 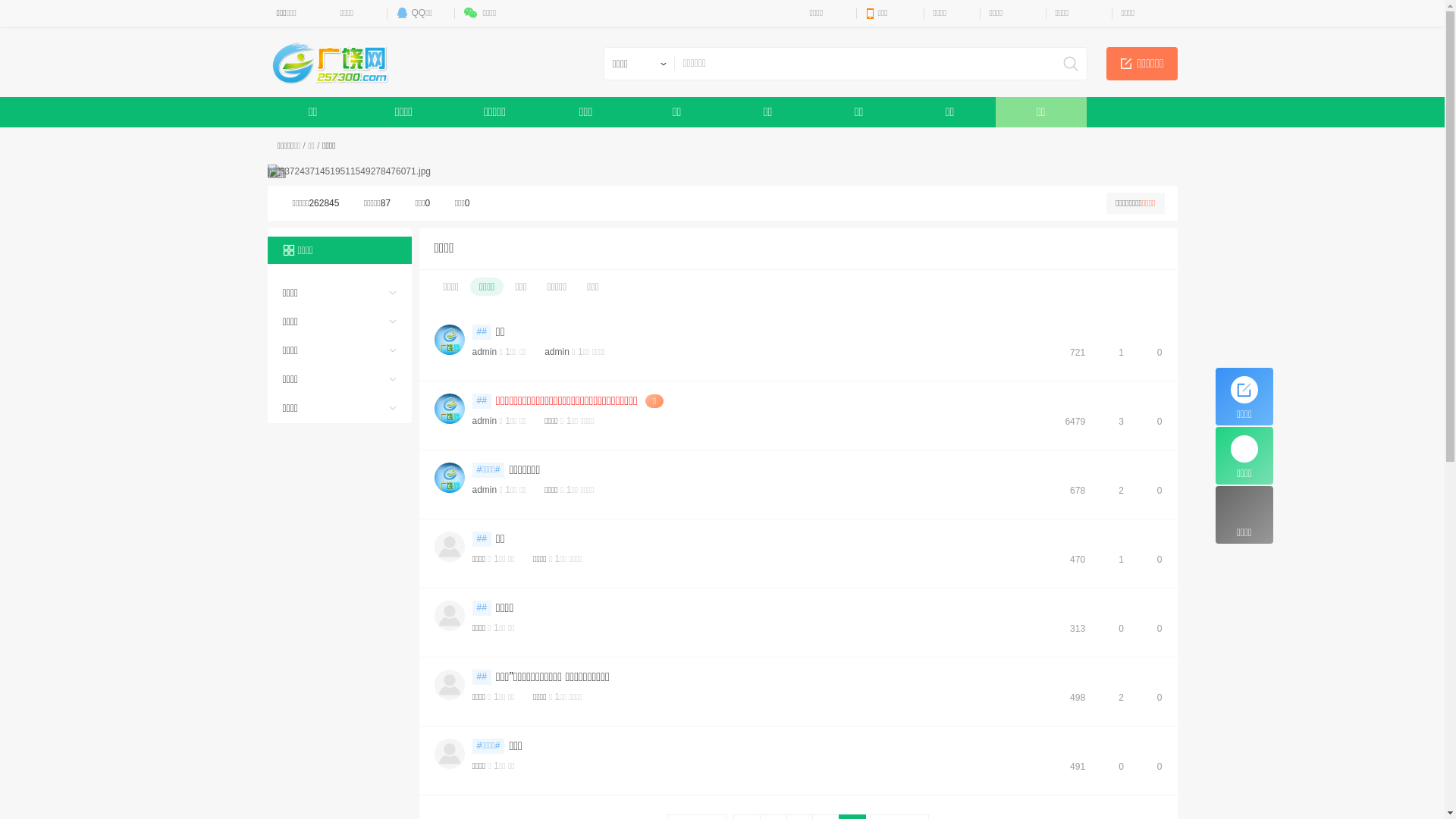 I want to click on '721', so click(x=1069, y=353).